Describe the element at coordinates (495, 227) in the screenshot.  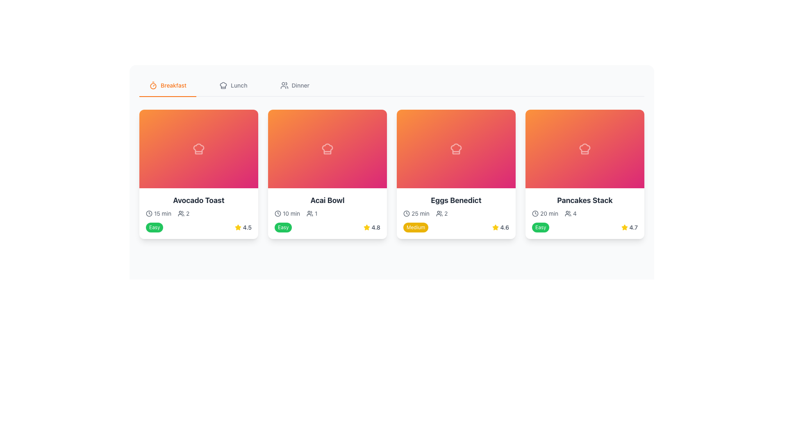
I see `the rating icon located in the bottom-right corner of the food item card if it is interactive` at that location.